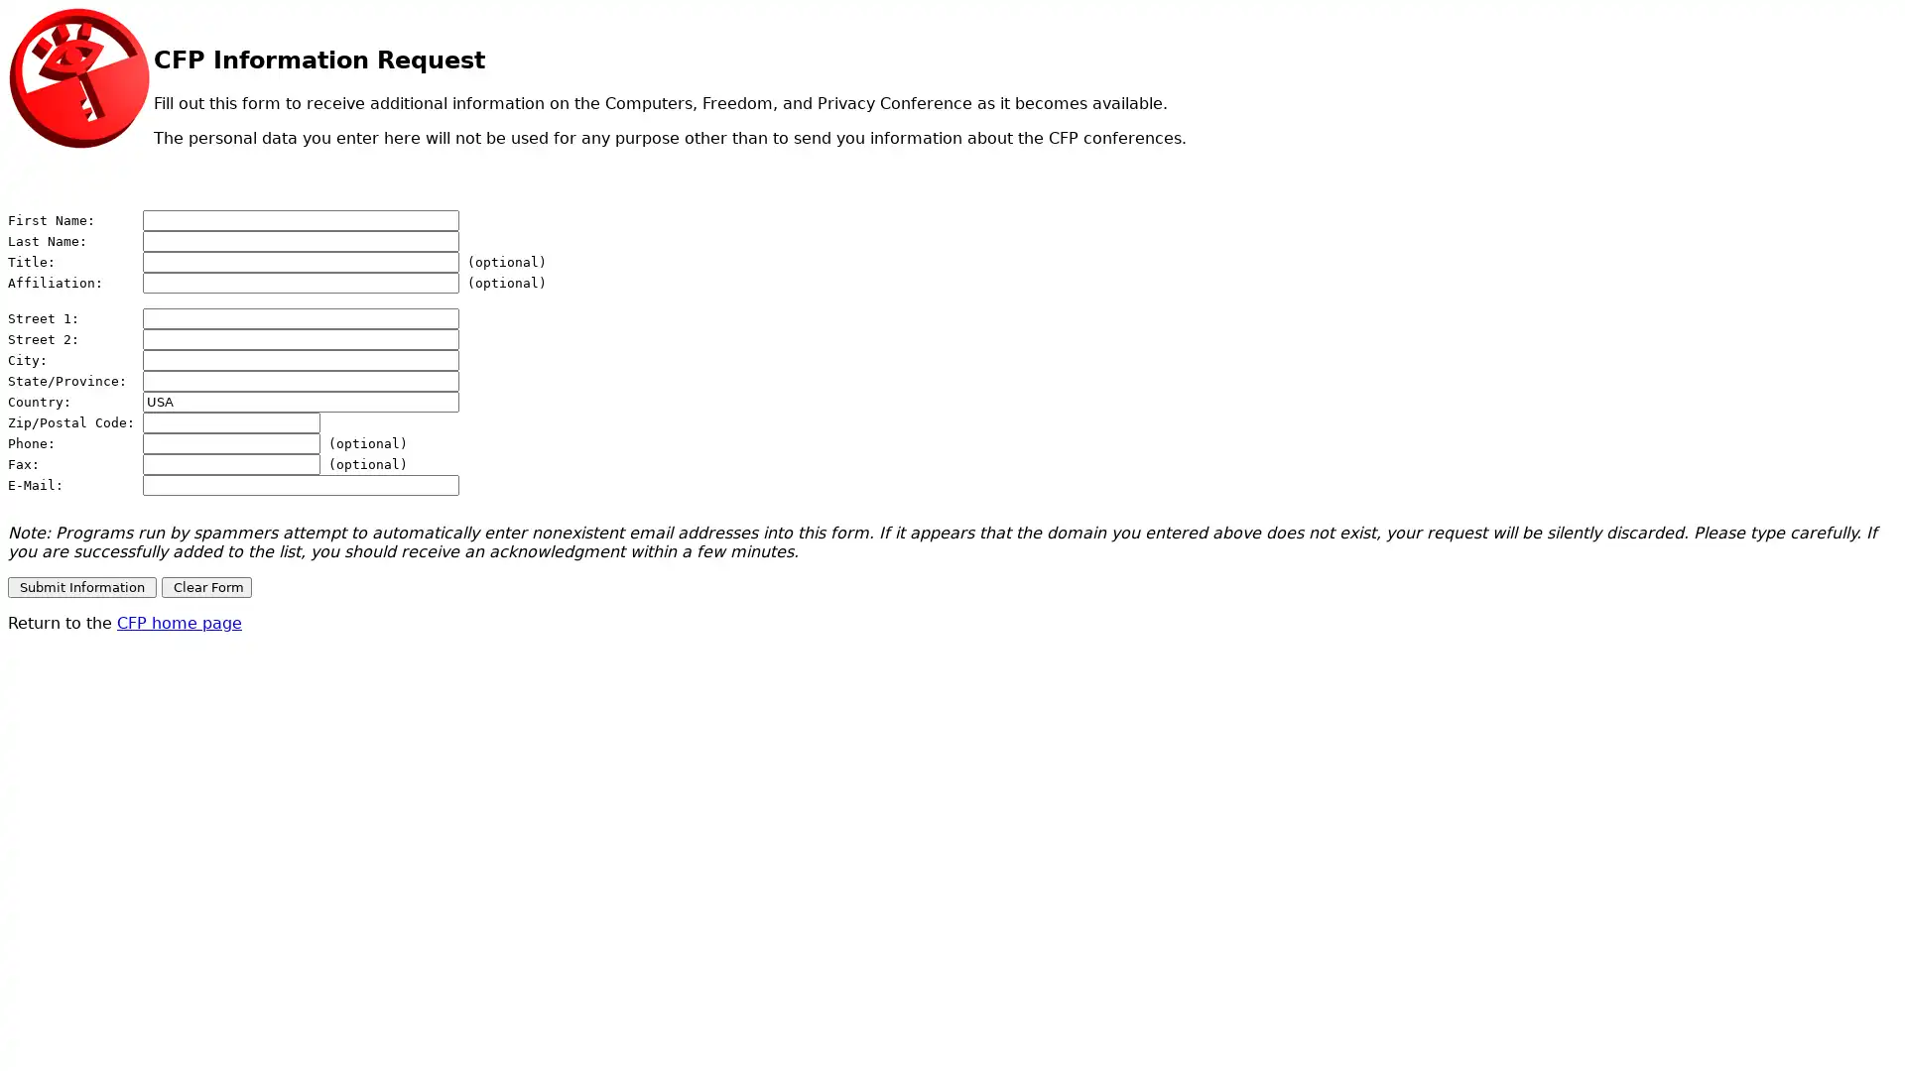 The image size is (1905, 1071). Describe the element at coordinates (80, 585) in the screenshot. I see `Submit Information` at that location.